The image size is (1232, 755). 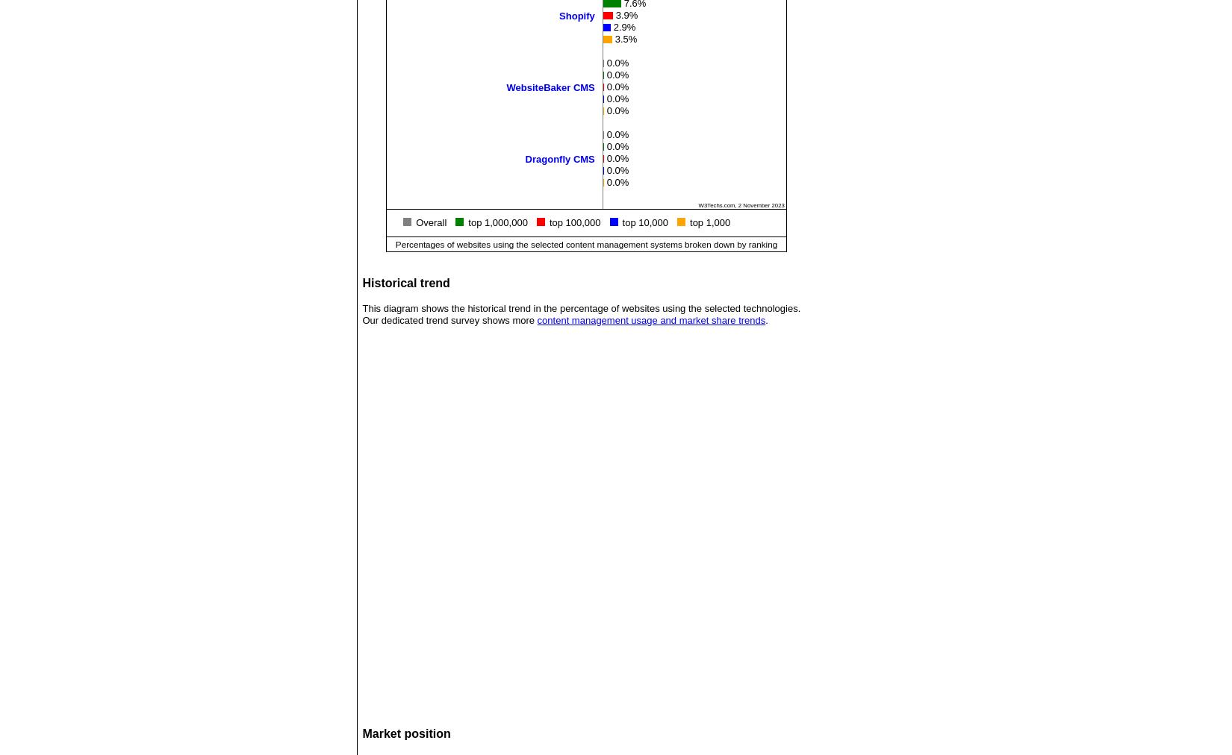 I want to click on '.', so click(x=766, y=320).